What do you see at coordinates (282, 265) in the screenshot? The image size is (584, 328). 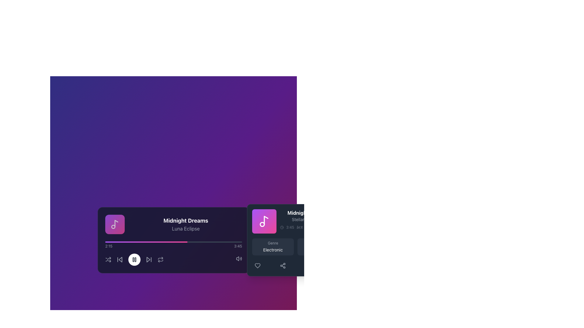 I see `the Share icon located at the bottom-right corner of the music track details section` at bounding box center [282, 265].